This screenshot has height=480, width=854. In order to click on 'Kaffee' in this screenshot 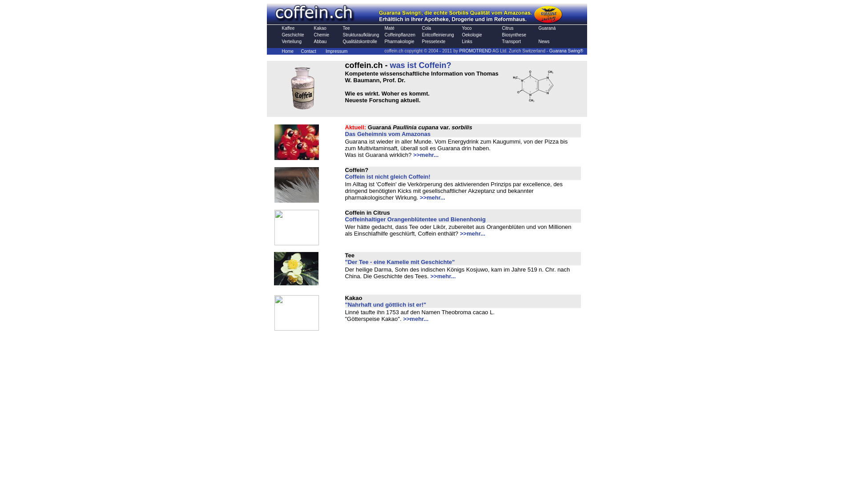, I will do `click(288, 28)`.